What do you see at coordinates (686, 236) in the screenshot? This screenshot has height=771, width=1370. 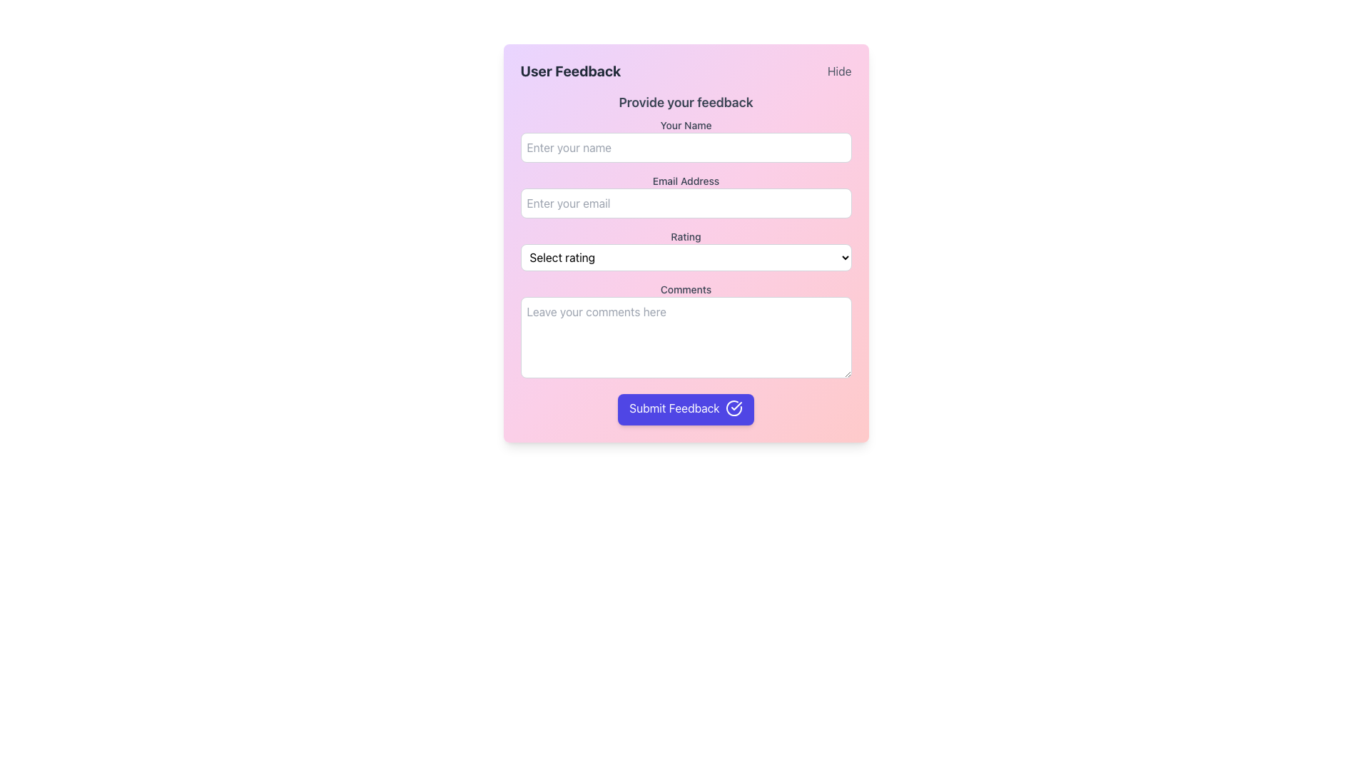 I see `the 'Rating' text label, which is styled in medium gray font and located above the 'Select rating' dropdown in the feedback form` at bounding box center [686, 236].